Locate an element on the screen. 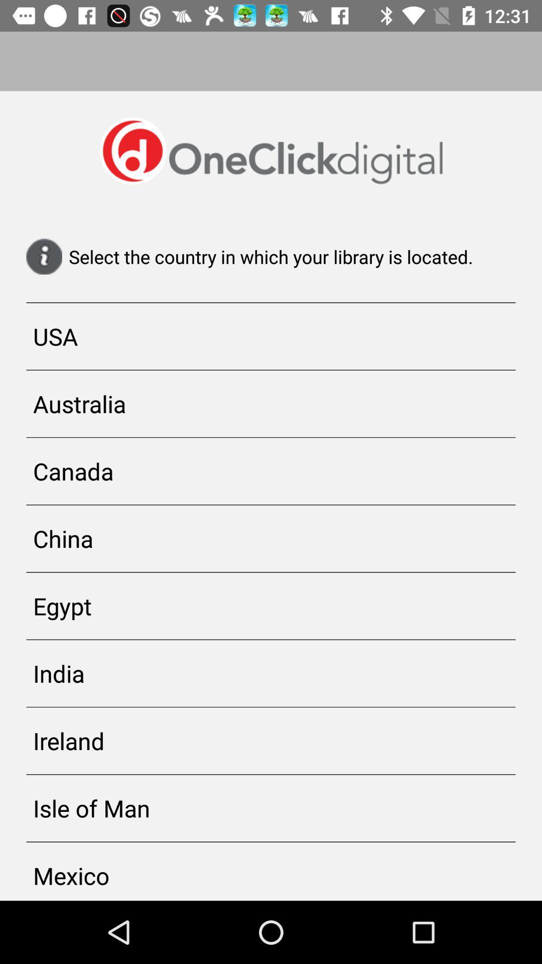 Image resolution: width=542 pixels, height=964 pixels. app above isle of man item is located at coordinates (271, 741).